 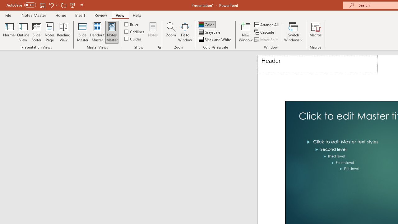 I want to click on 'Macros', so click(x=316, y=32).